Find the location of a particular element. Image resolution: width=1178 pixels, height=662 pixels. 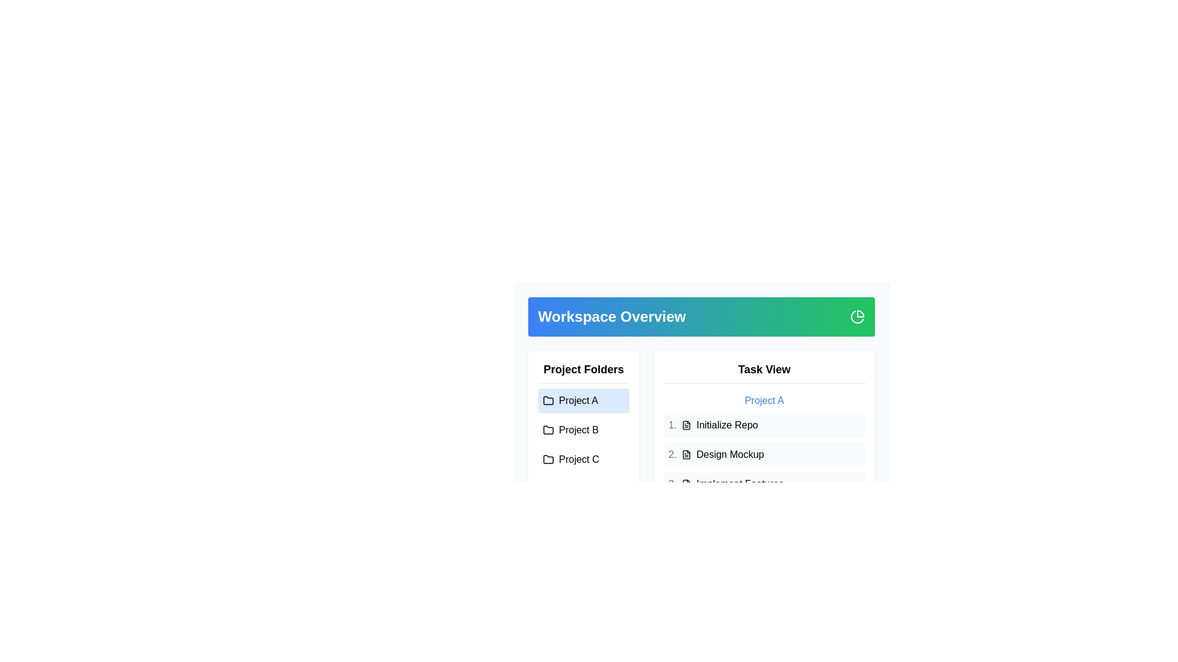

the folder icon located to the left of the text 'Project A' in the 'Project Folders' section to interact with it is located at coordinates (547, 401).